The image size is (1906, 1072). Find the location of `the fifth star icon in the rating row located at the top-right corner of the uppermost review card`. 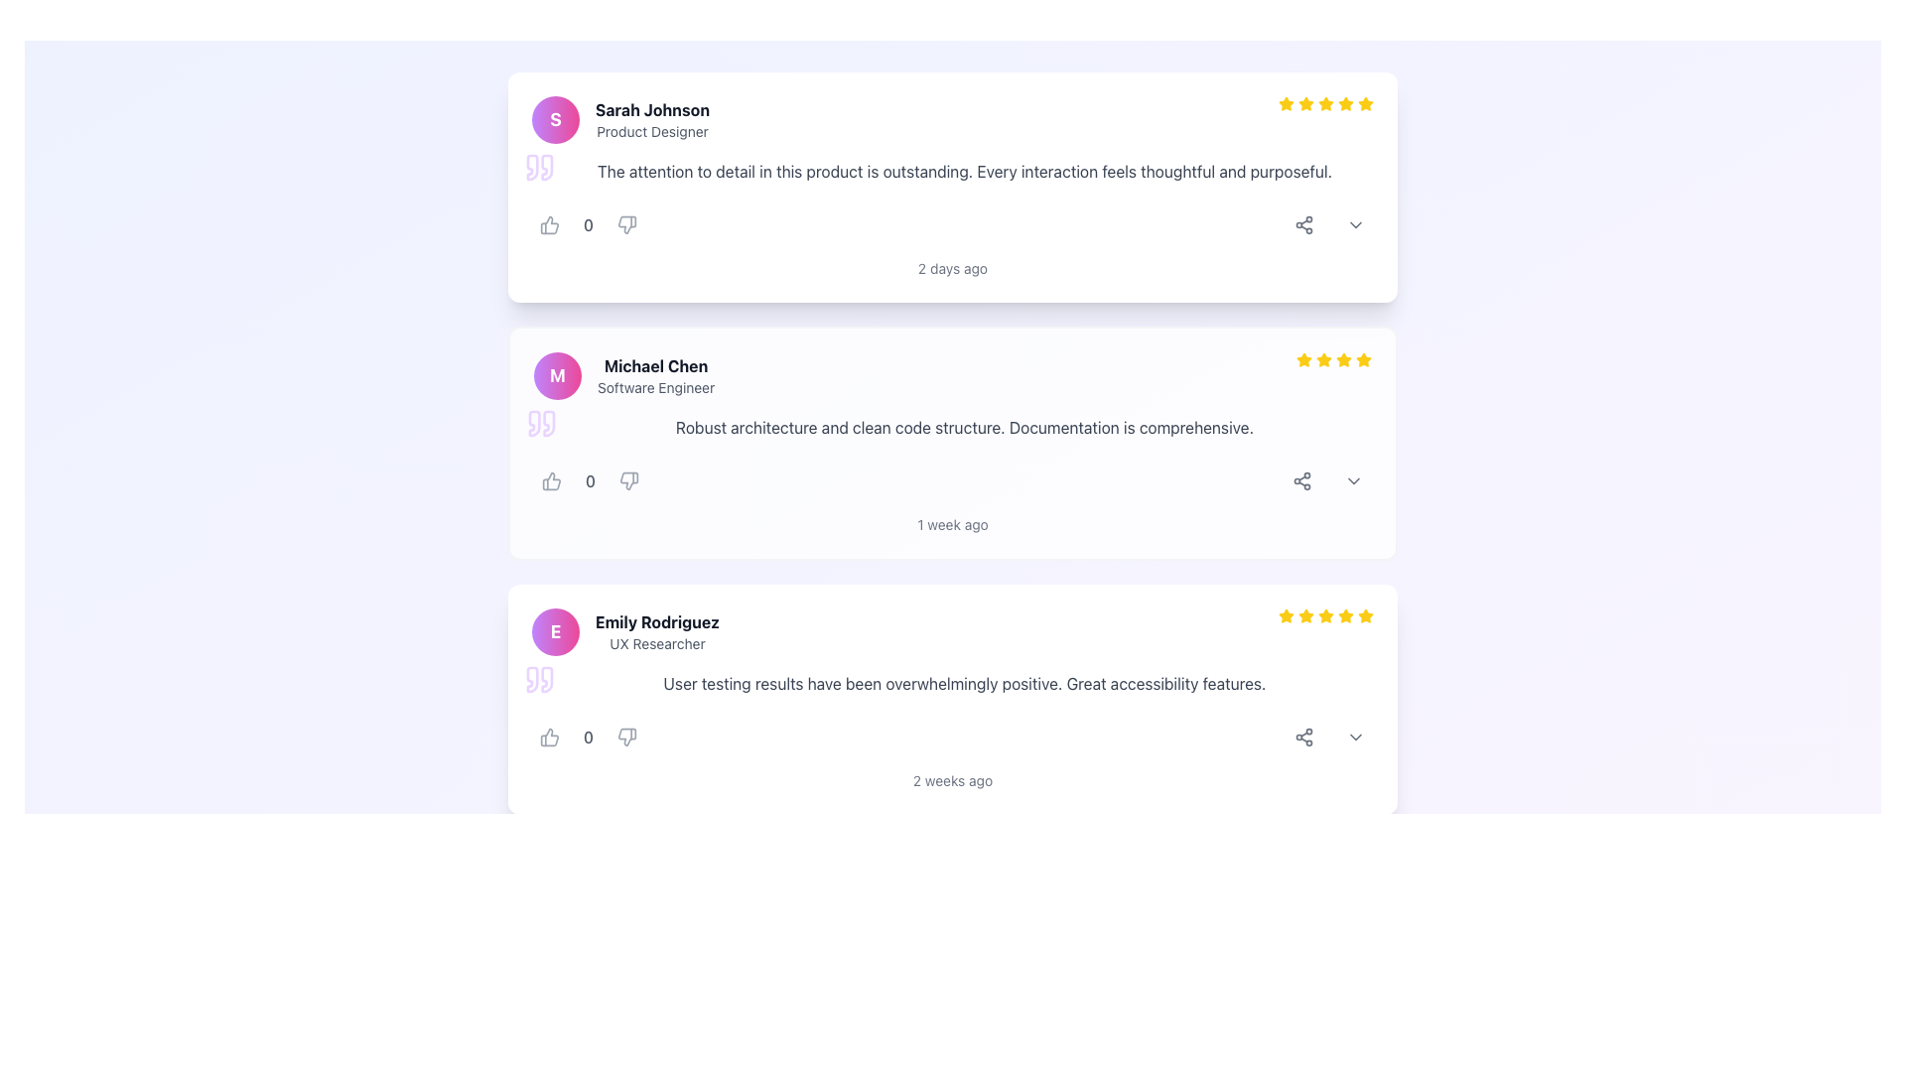

the fifth star icon in the rating row located at the top-right corner of the uppermost review card is located at coordinates (1365, 103).